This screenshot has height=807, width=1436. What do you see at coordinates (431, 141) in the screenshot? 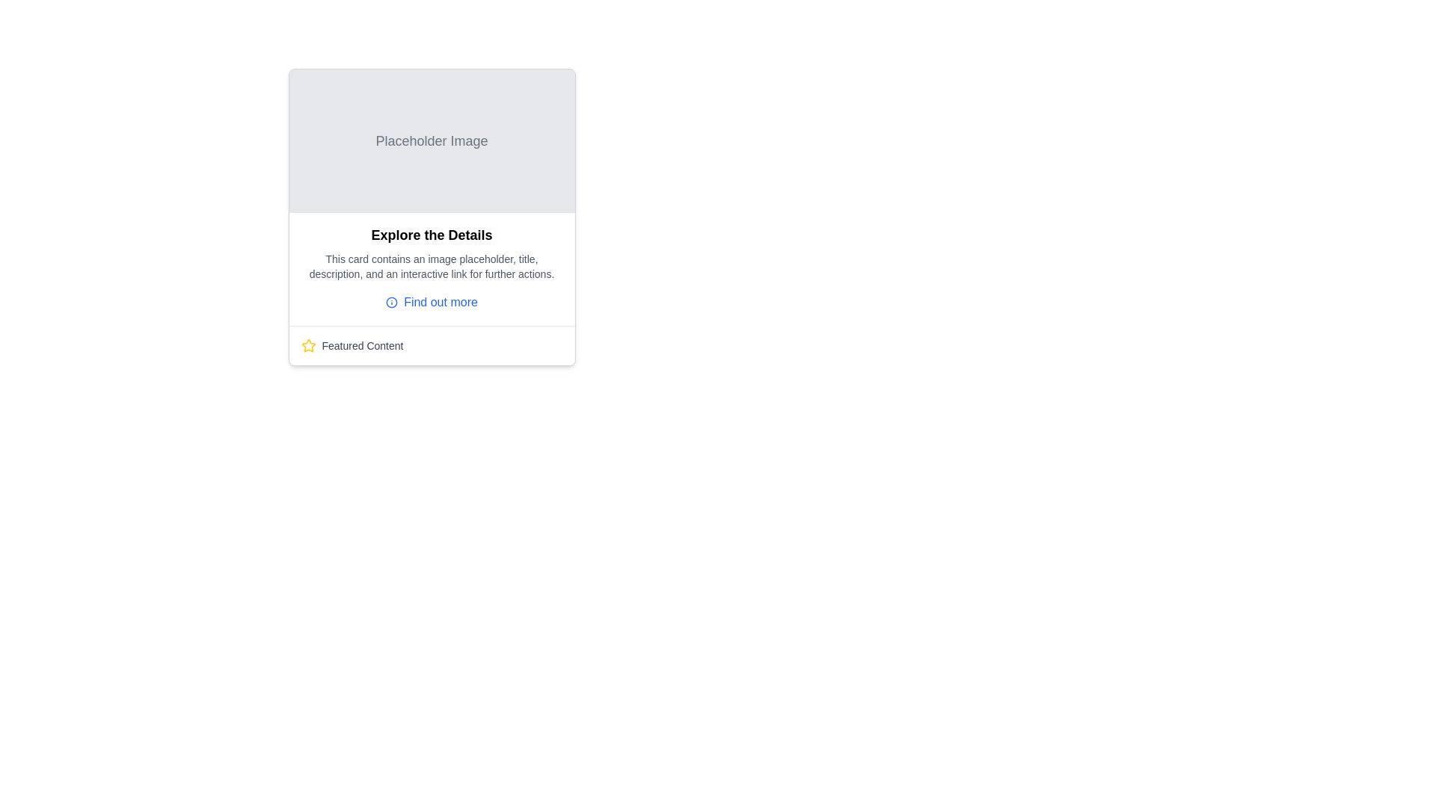
I see `the 'Placeholder Image' static text label displayed in gray font, located centrally within the light gray rectangular section at the top of a card-like interface` at bounding box center [431, 141].